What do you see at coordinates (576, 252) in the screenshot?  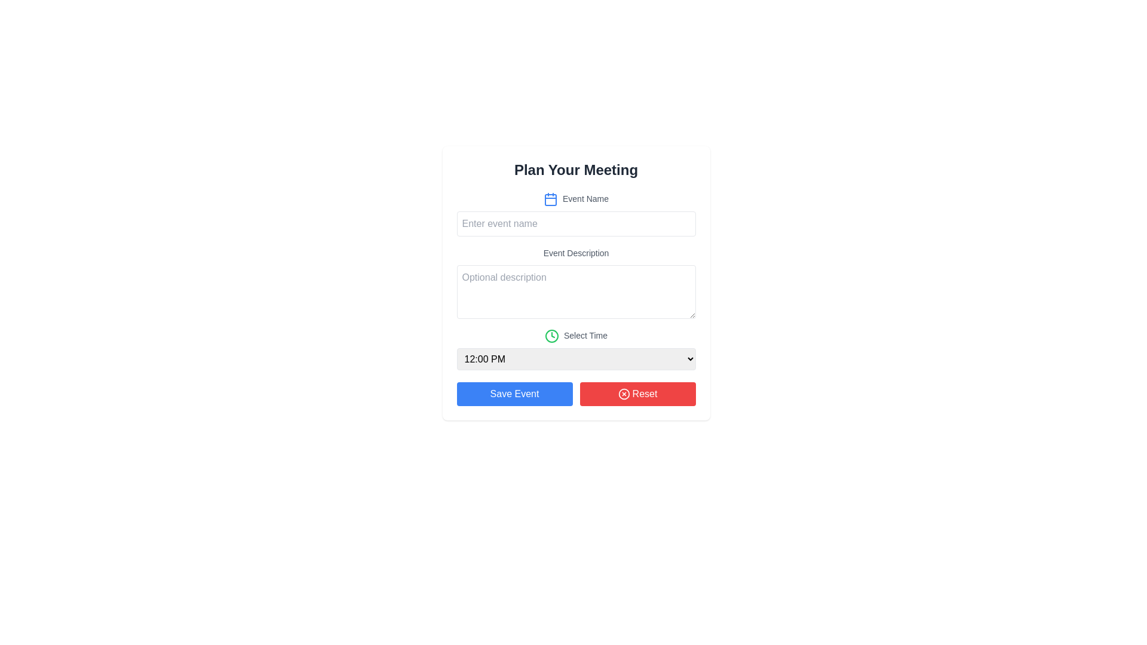 I see `the label element that provides guidance for the input field below it, positioned directly above the 'Optional description' input text area` at bounding box center [576, 252].